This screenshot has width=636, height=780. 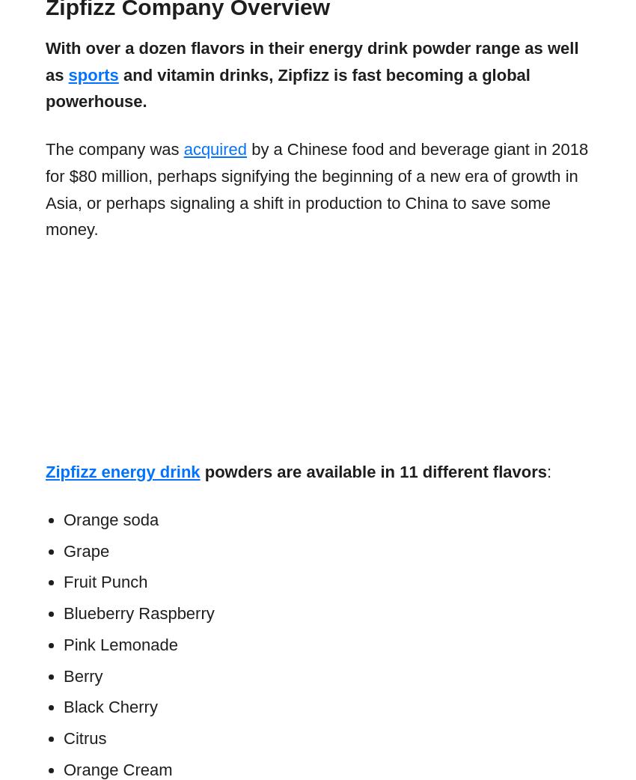 What do you see at coordinates (46, 60) in the screenshot?
I see `'With over a dozen flavors in their energy drink powder range as well as'` at bounding box center [46, 60].